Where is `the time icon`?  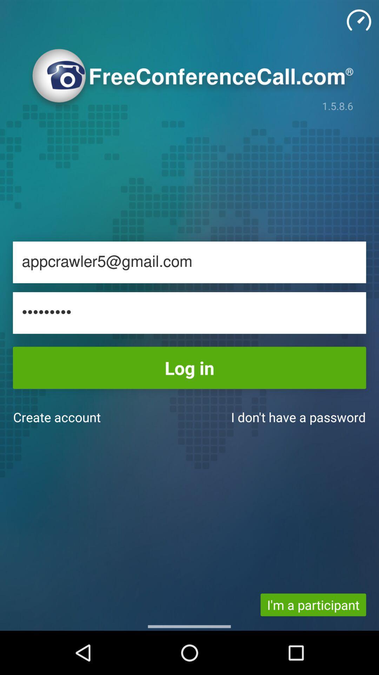 the time icon is located at coordinates (359, 20).